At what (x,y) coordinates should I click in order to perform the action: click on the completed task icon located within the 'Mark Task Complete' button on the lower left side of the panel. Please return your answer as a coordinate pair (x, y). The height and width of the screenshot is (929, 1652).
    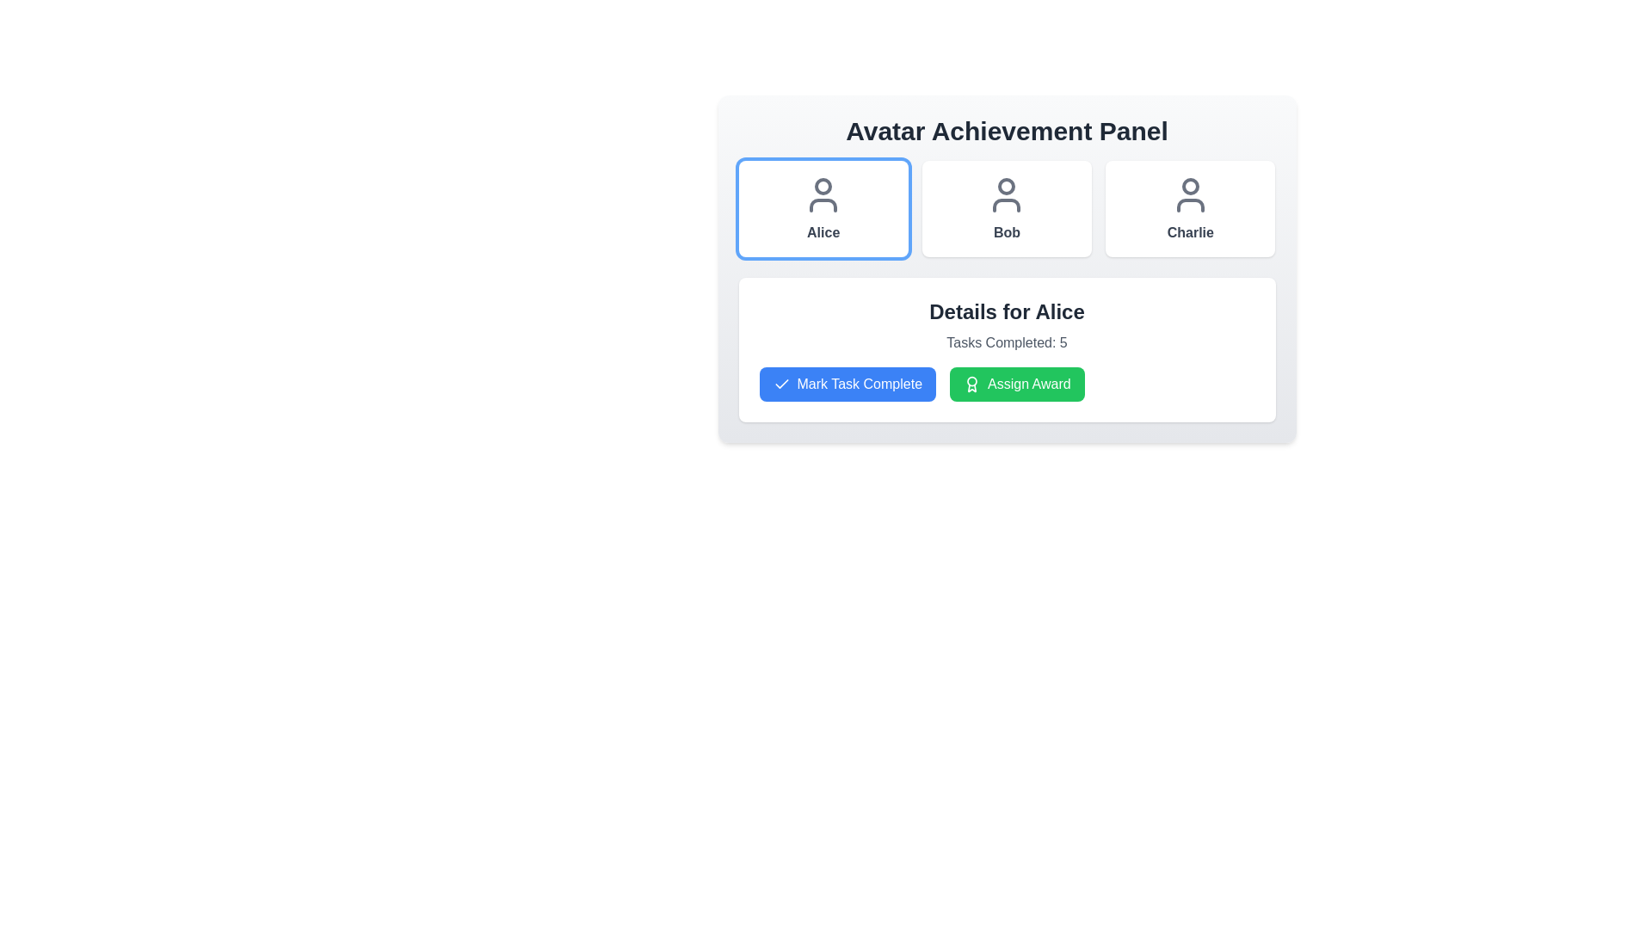
    Looking at the image, I should click on (780, 383).